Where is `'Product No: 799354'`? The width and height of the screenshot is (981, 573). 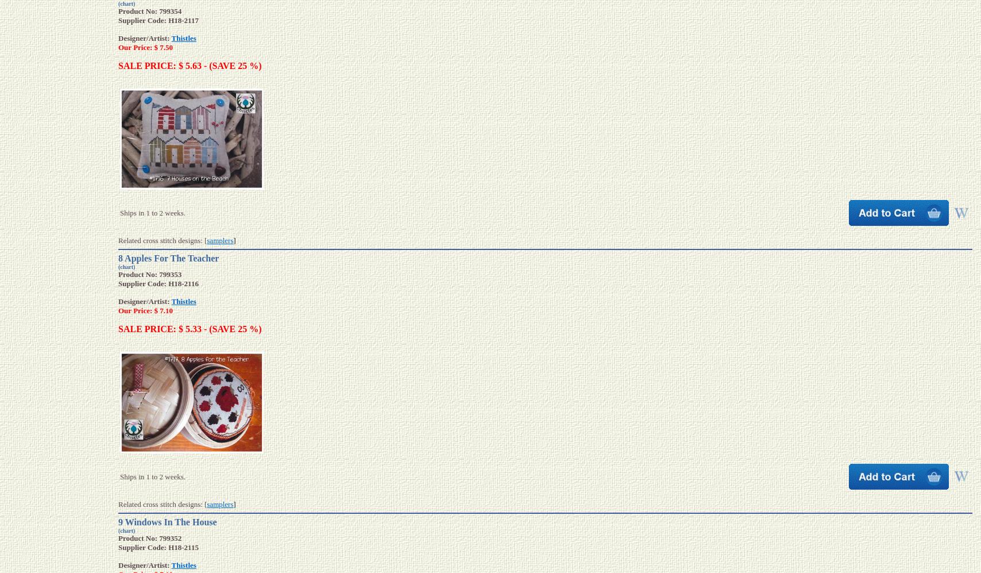
'Product No: 799354' is located at coordinates (149, 11).